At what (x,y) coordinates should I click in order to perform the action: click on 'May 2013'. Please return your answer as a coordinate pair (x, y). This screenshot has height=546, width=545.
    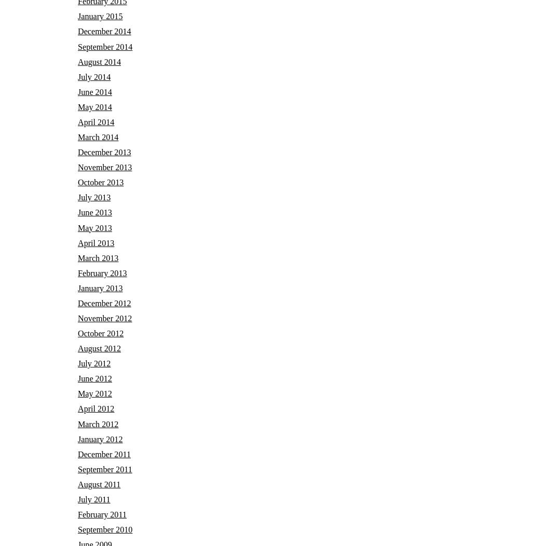
    Looking at the image, I should click on (94, 227).